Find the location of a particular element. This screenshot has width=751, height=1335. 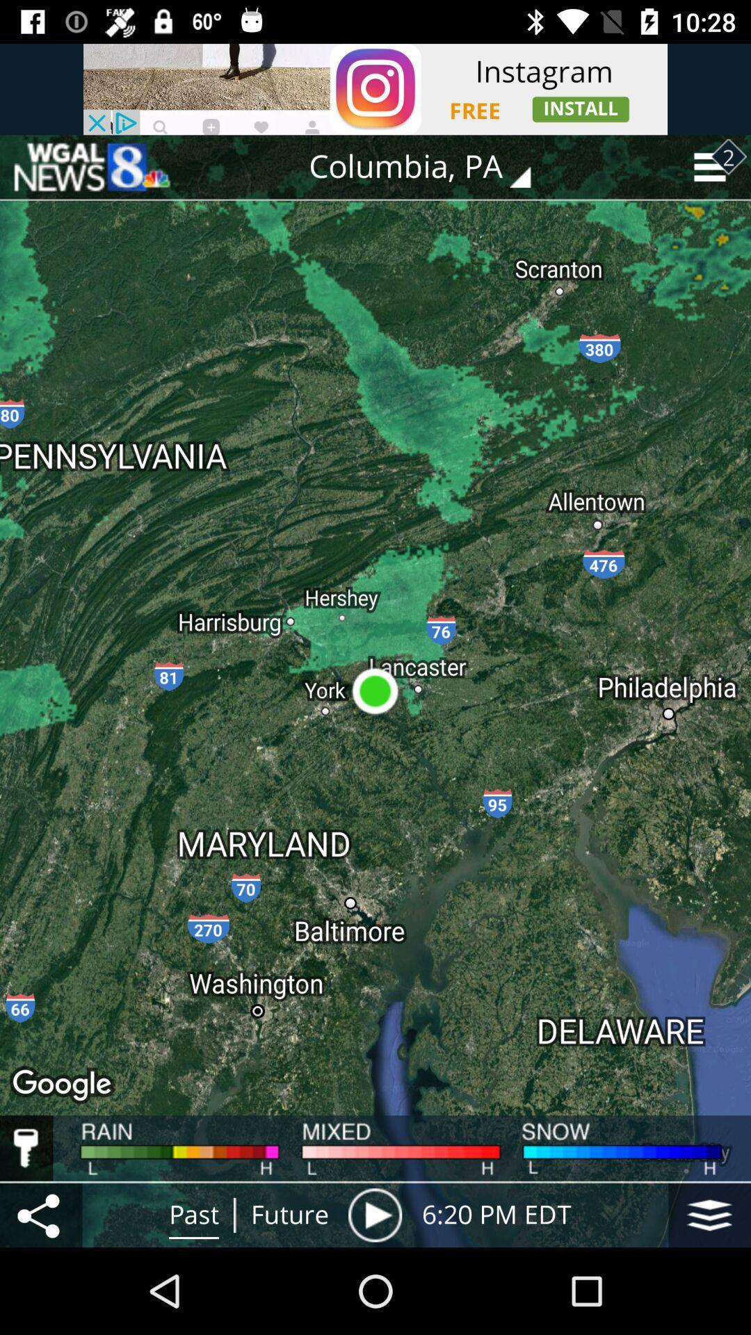

item to the left of columbia, pa is located at coordinates (91, 167).